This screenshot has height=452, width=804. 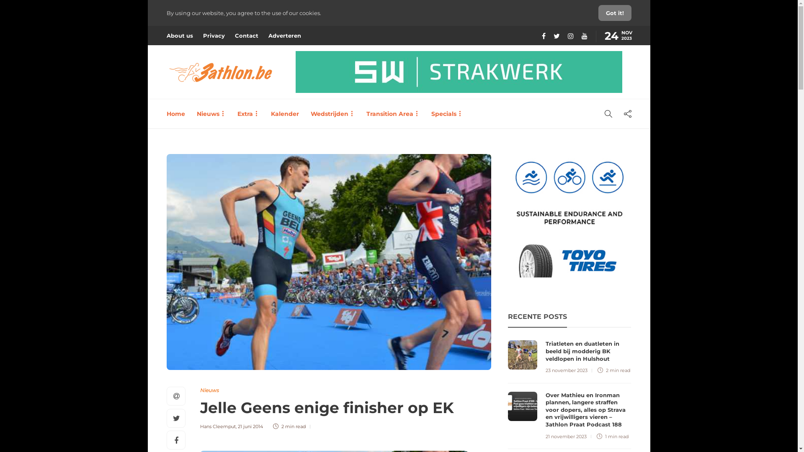 I want to click on 'Privacy', so click(x=213, y=35).